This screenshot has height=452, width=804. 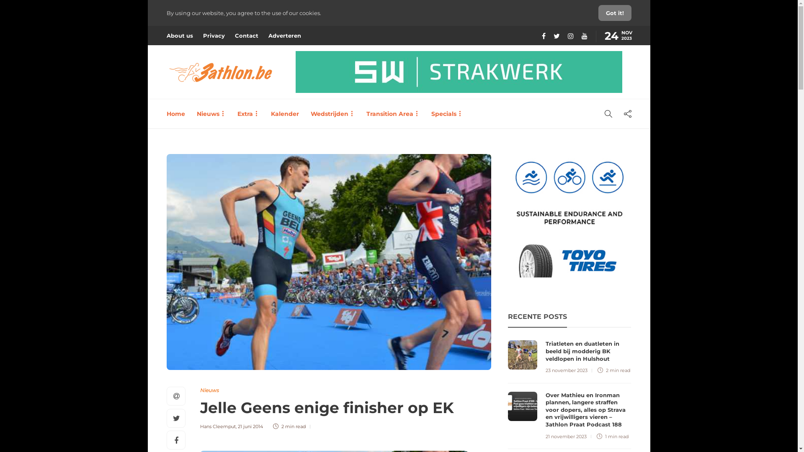 I want to click on 'Privacy', so click(x=213, y=35).